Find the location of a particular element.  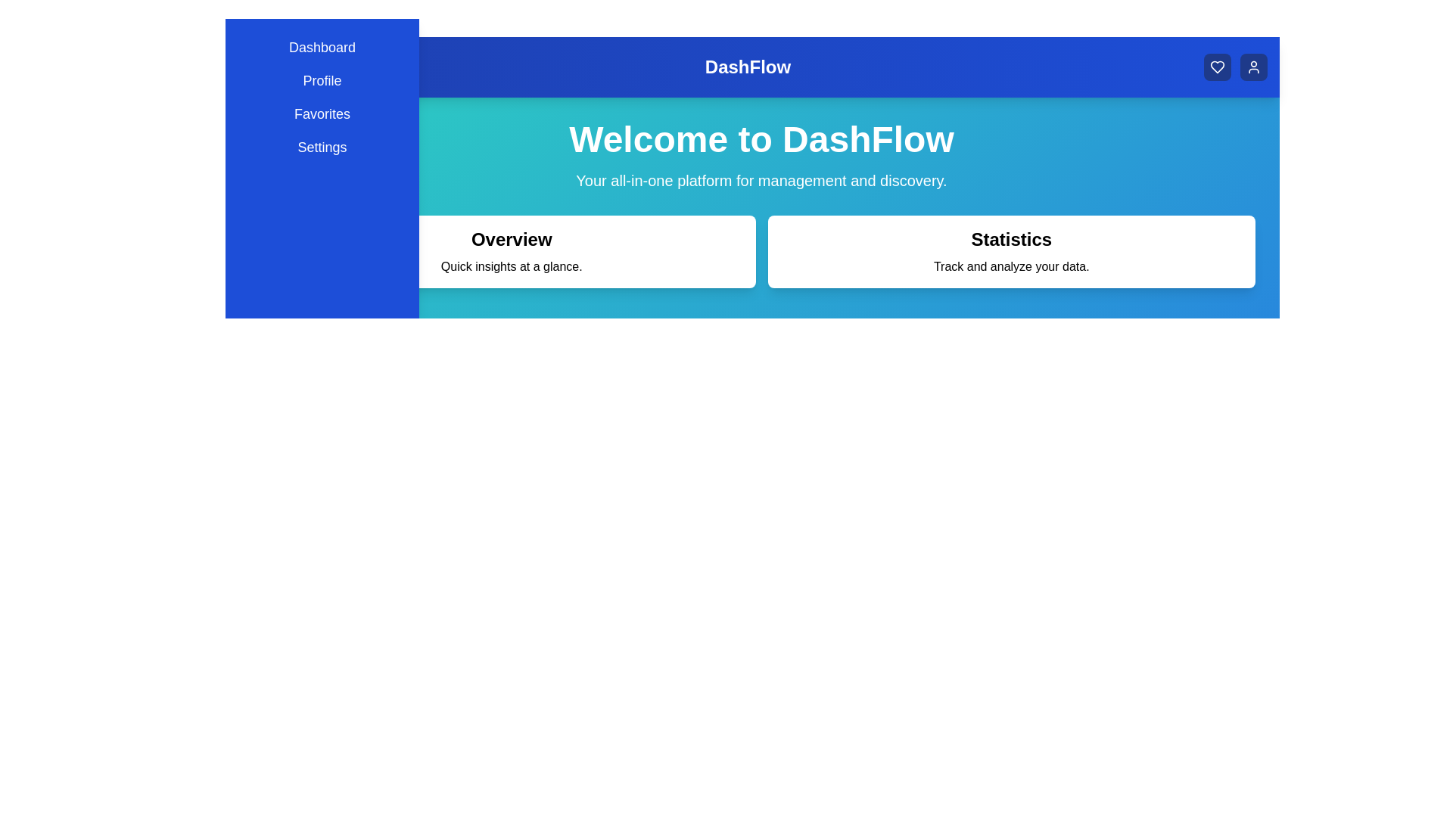

the menu item Settings to navigate to its respective section is located at coordinates (322, 148).